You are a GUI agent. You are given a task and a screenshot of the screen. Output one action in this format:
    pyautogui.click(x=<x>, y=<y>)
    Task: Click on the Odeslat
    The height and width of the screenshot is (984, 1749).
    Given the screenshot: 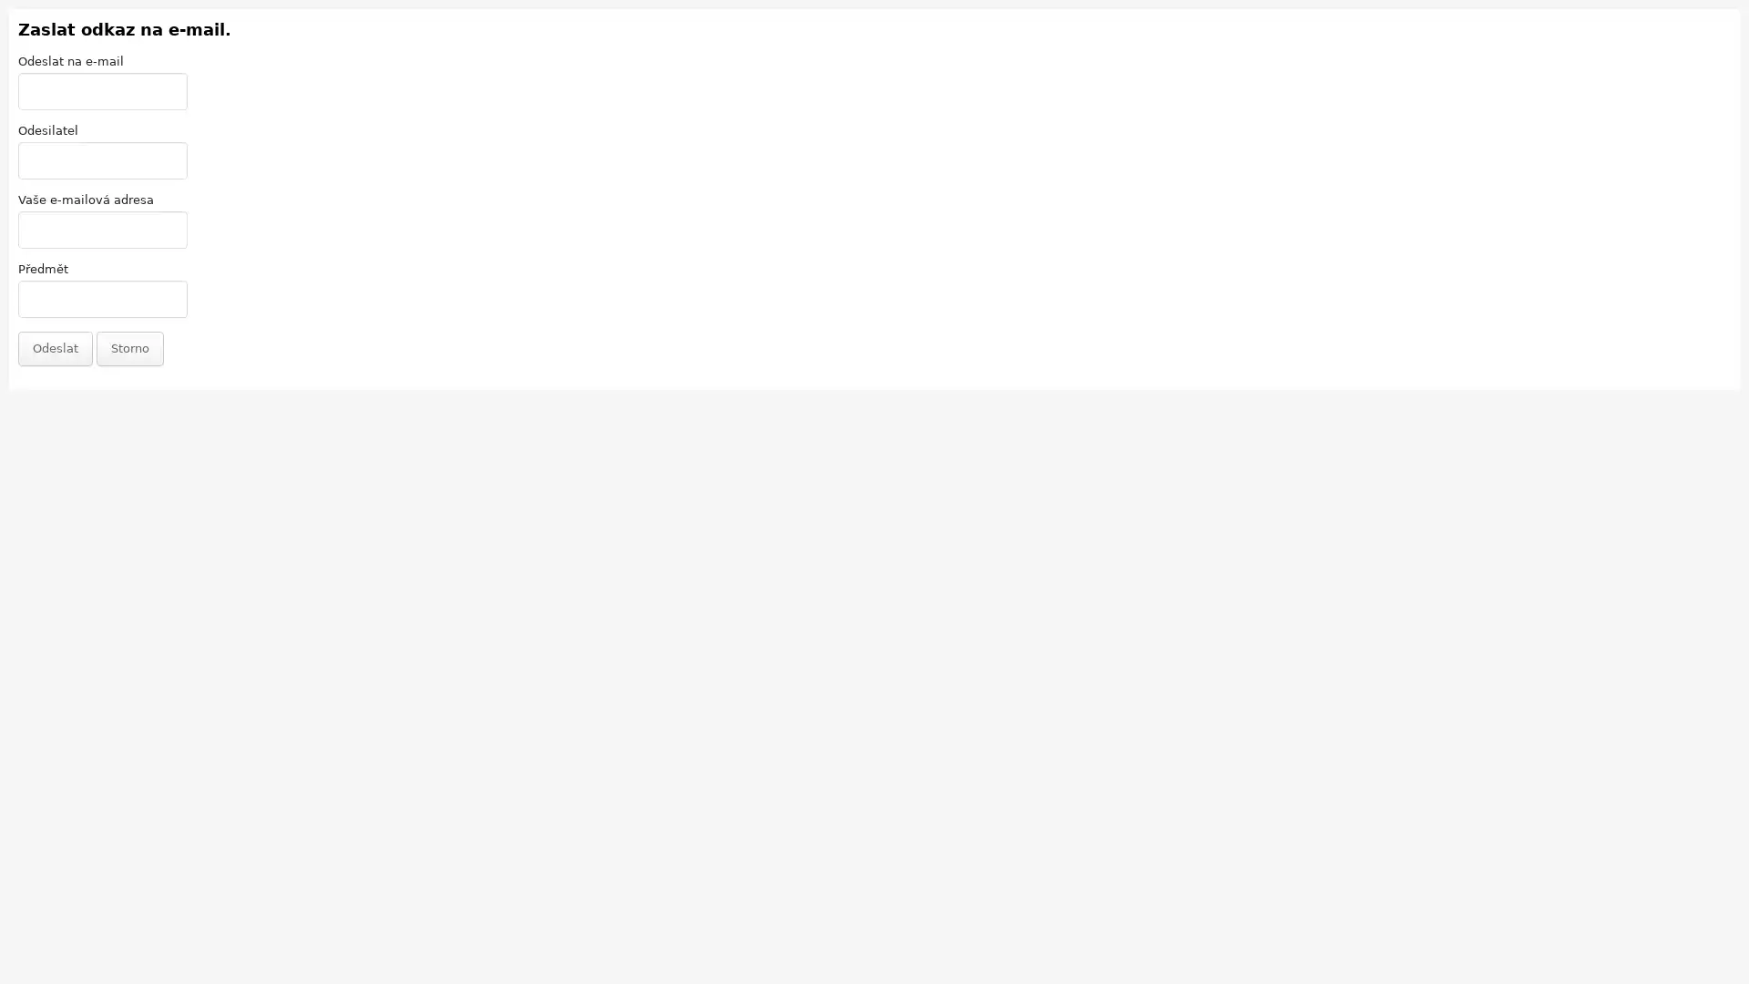 What is the action you would take?
    pyautogui.click(x=56, y=348)
    